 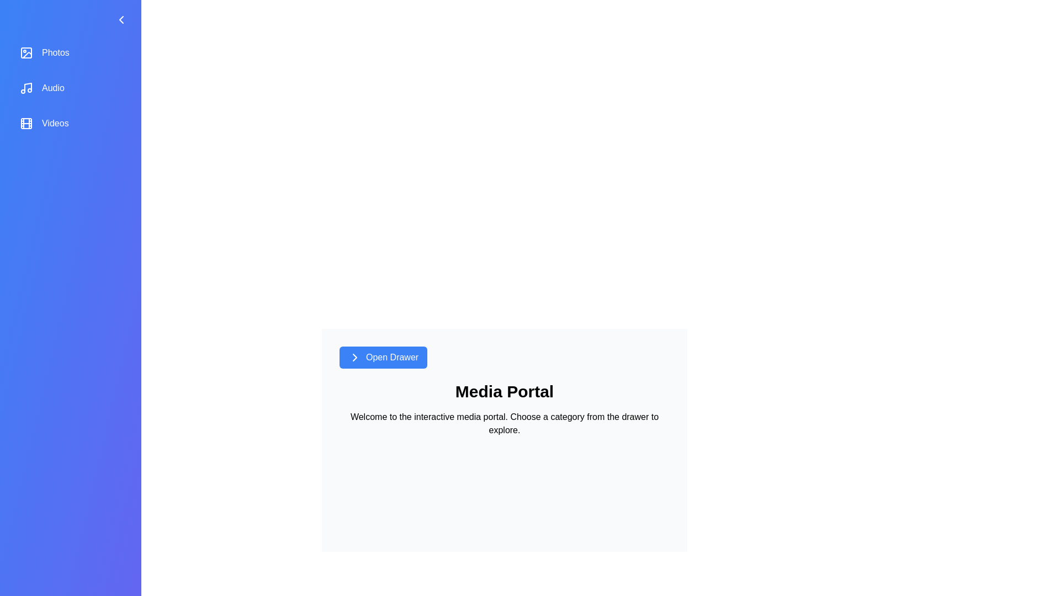 I want to click on the category Photos from the drawer, so click(x=70, y=53).